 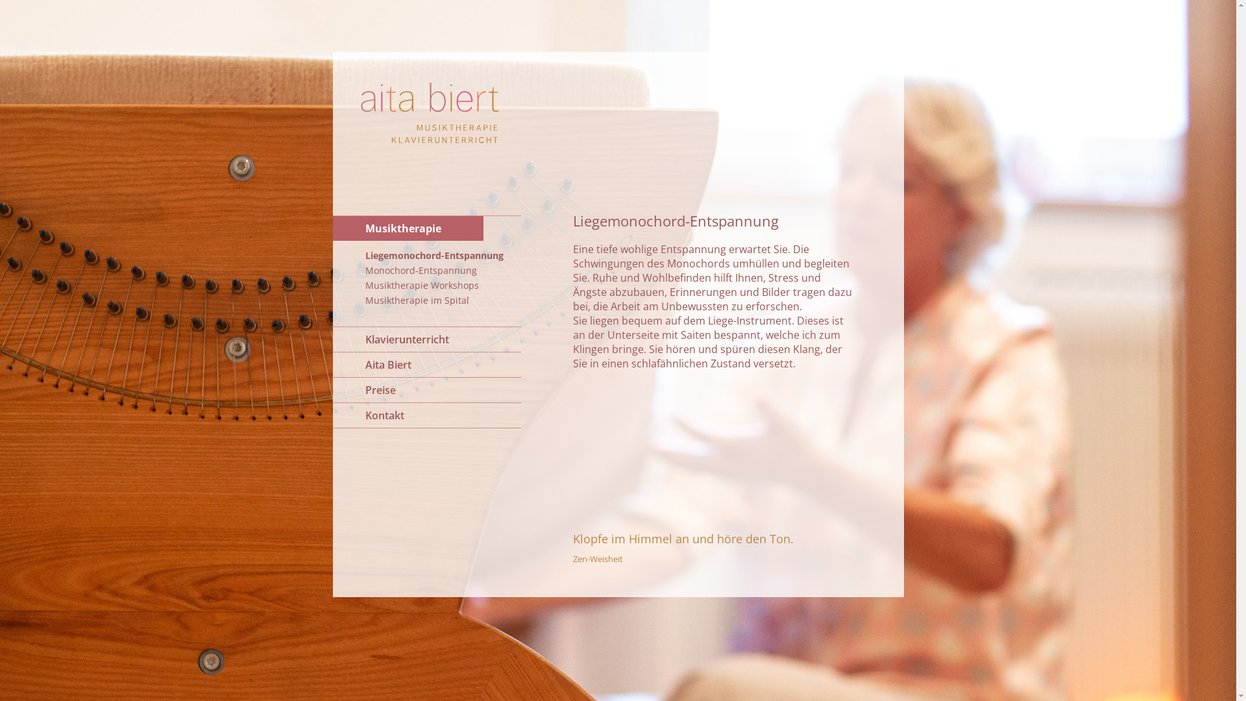 I want to click on 'Preise', so click(x=426, y=389).